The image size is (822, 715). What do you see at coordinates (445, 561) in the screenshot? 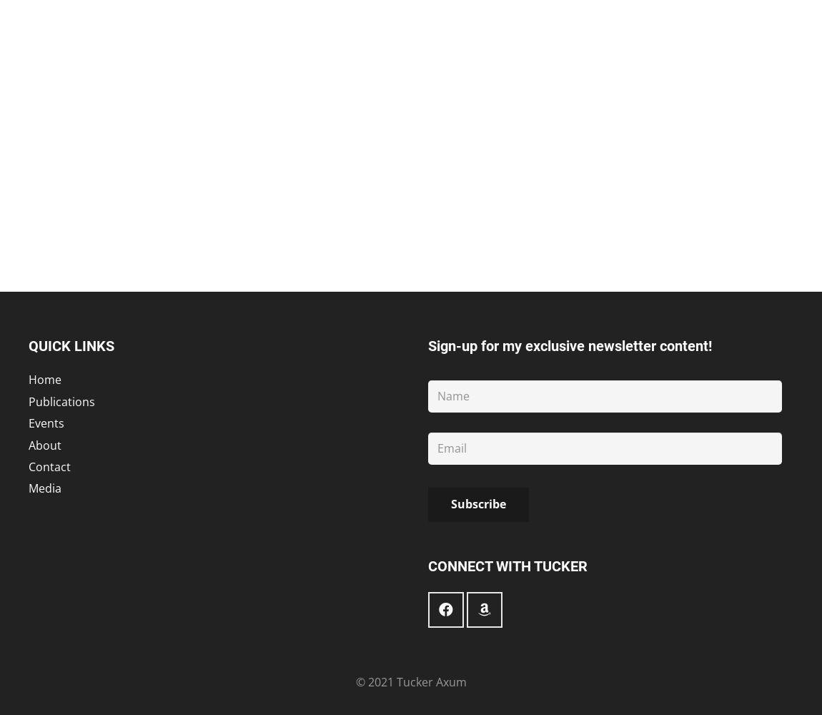
I see `'Facebook'` at bounding box center [445, 561].